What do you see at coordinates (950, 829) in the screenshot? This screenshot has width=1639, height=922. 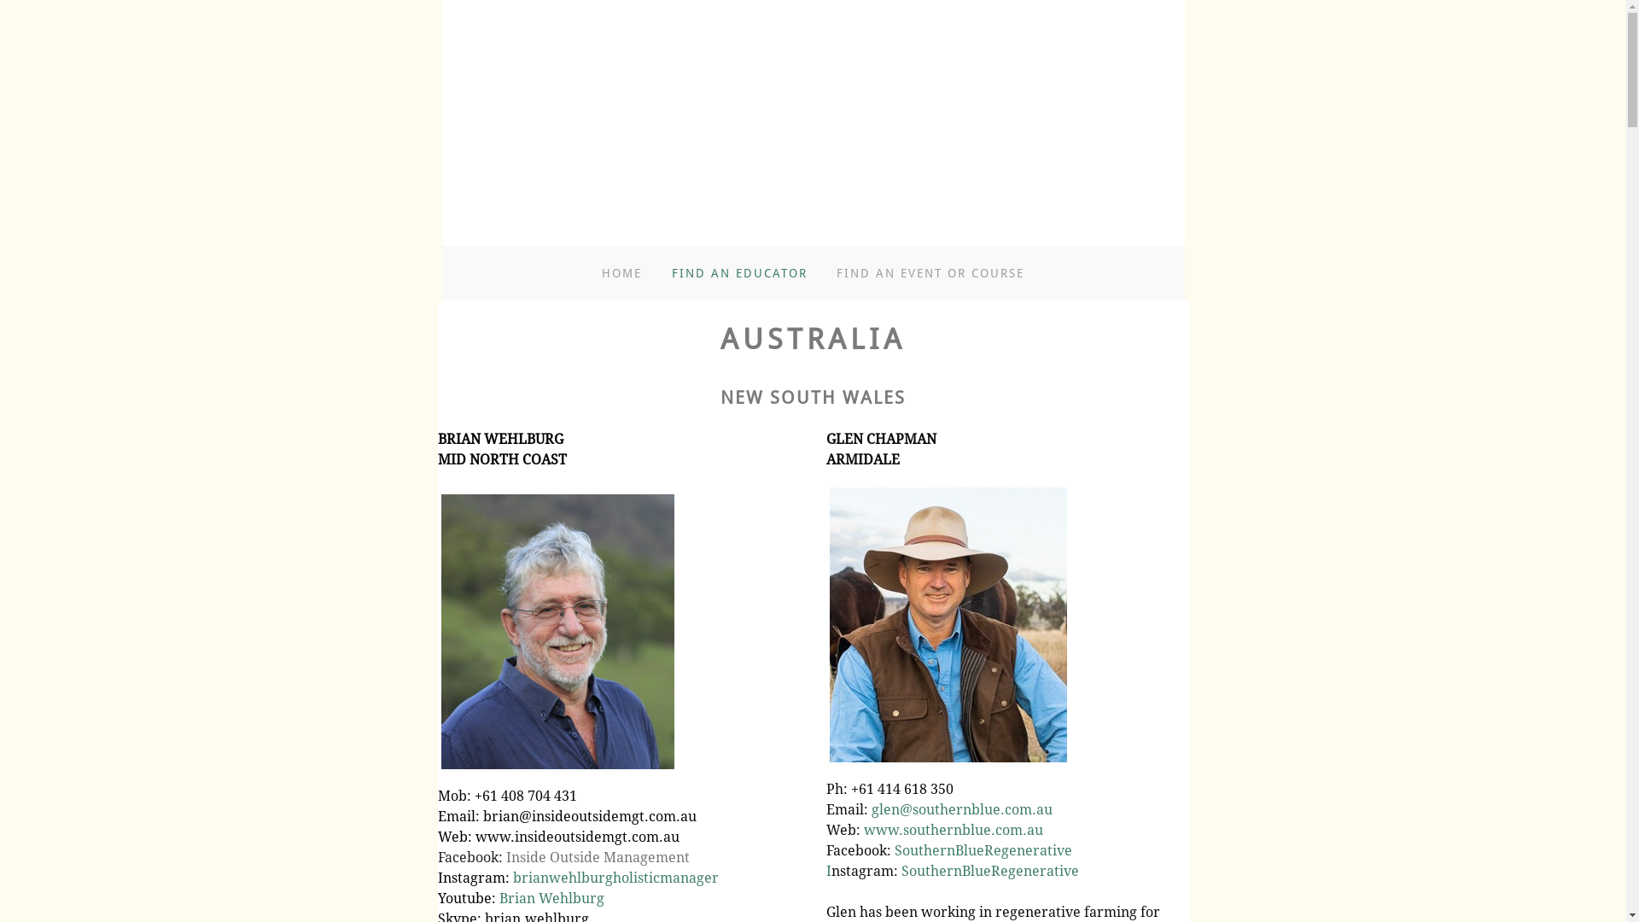 I see `' www.southernblue.com.au'` at bounding box center [950, 829].